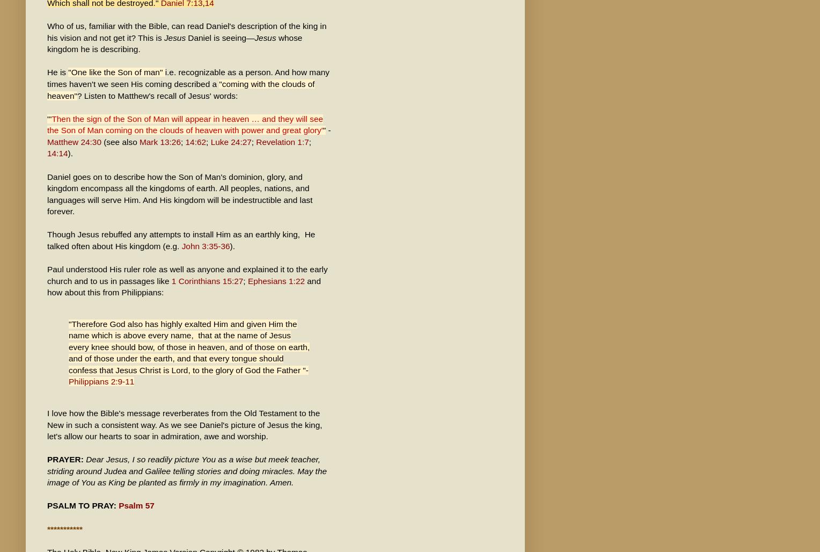 Image resolution: width=820 pixels, height=552 pixels. What do you see at coordinates (195, 141) in the screenshot?
I see `'14:62'` at bounding box center [195, 141].